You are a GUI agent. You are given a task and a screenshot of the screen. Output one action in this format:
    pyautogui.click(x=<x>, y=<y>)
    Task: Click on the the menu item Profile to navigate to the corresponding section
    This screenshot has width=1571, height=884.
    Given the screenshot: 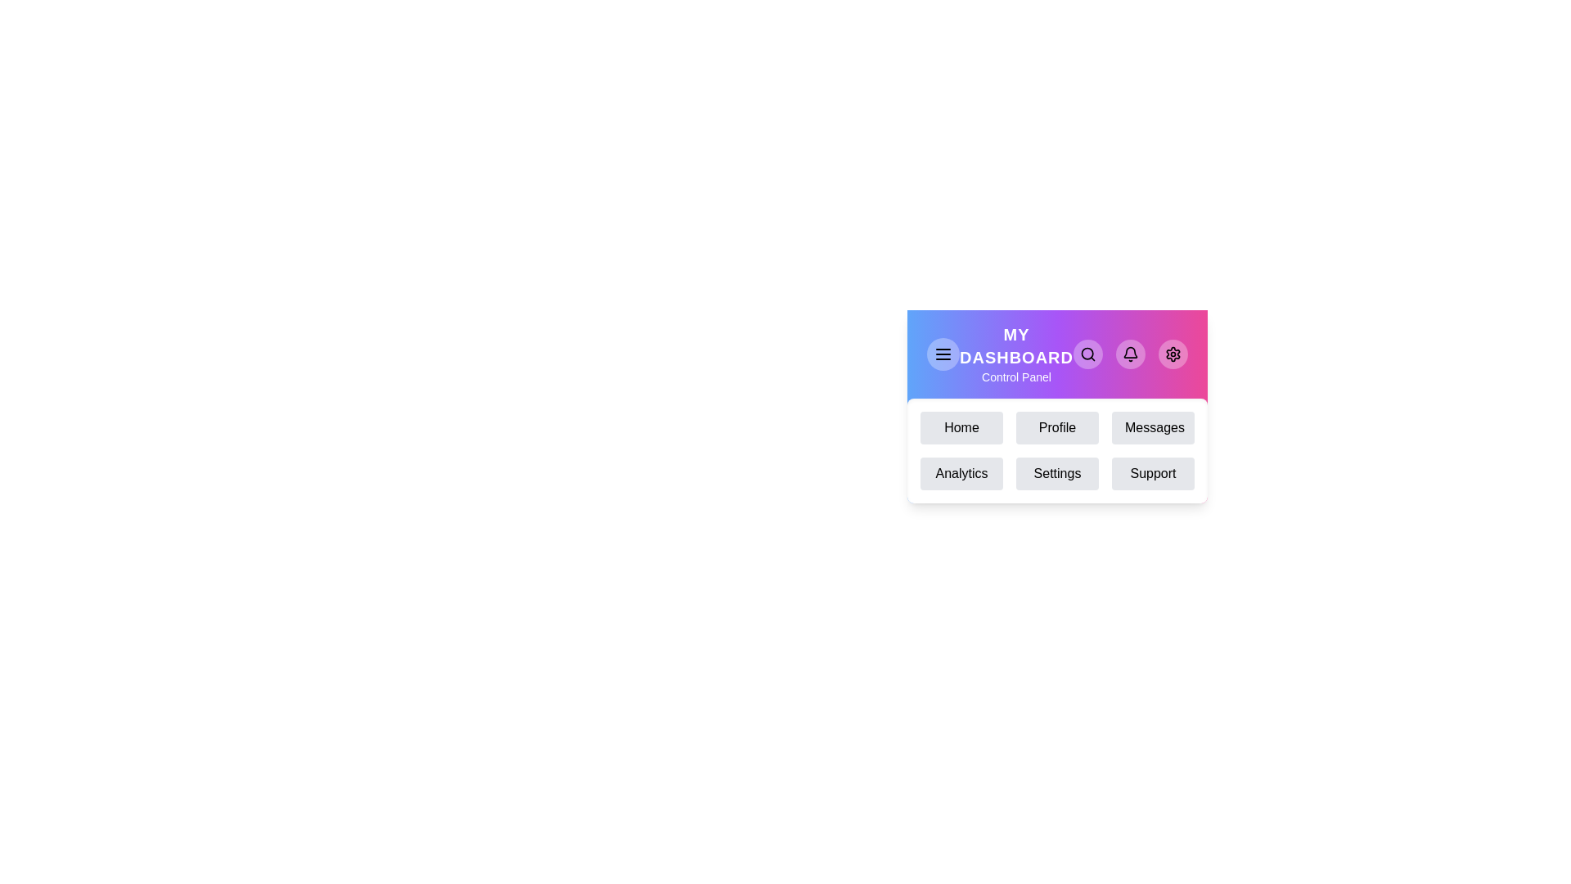 What is the action you would take?
    pyautogui.click(x=1057, y=427)
    